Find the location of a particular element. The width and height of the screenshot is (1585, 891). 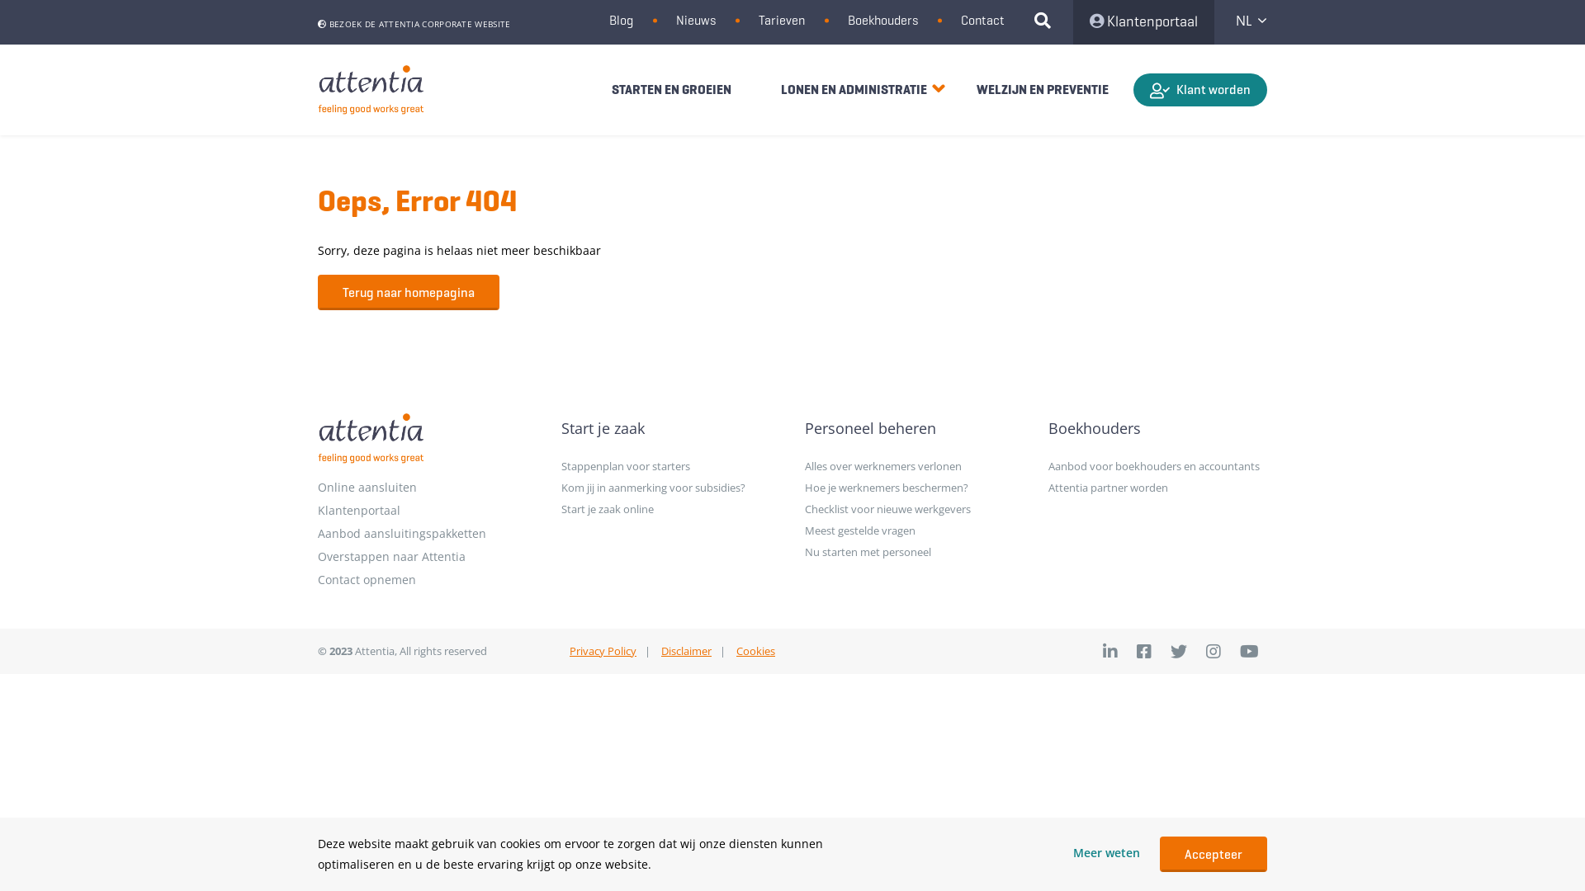

'Personeel beheren' is located at coordinates (913, 427).